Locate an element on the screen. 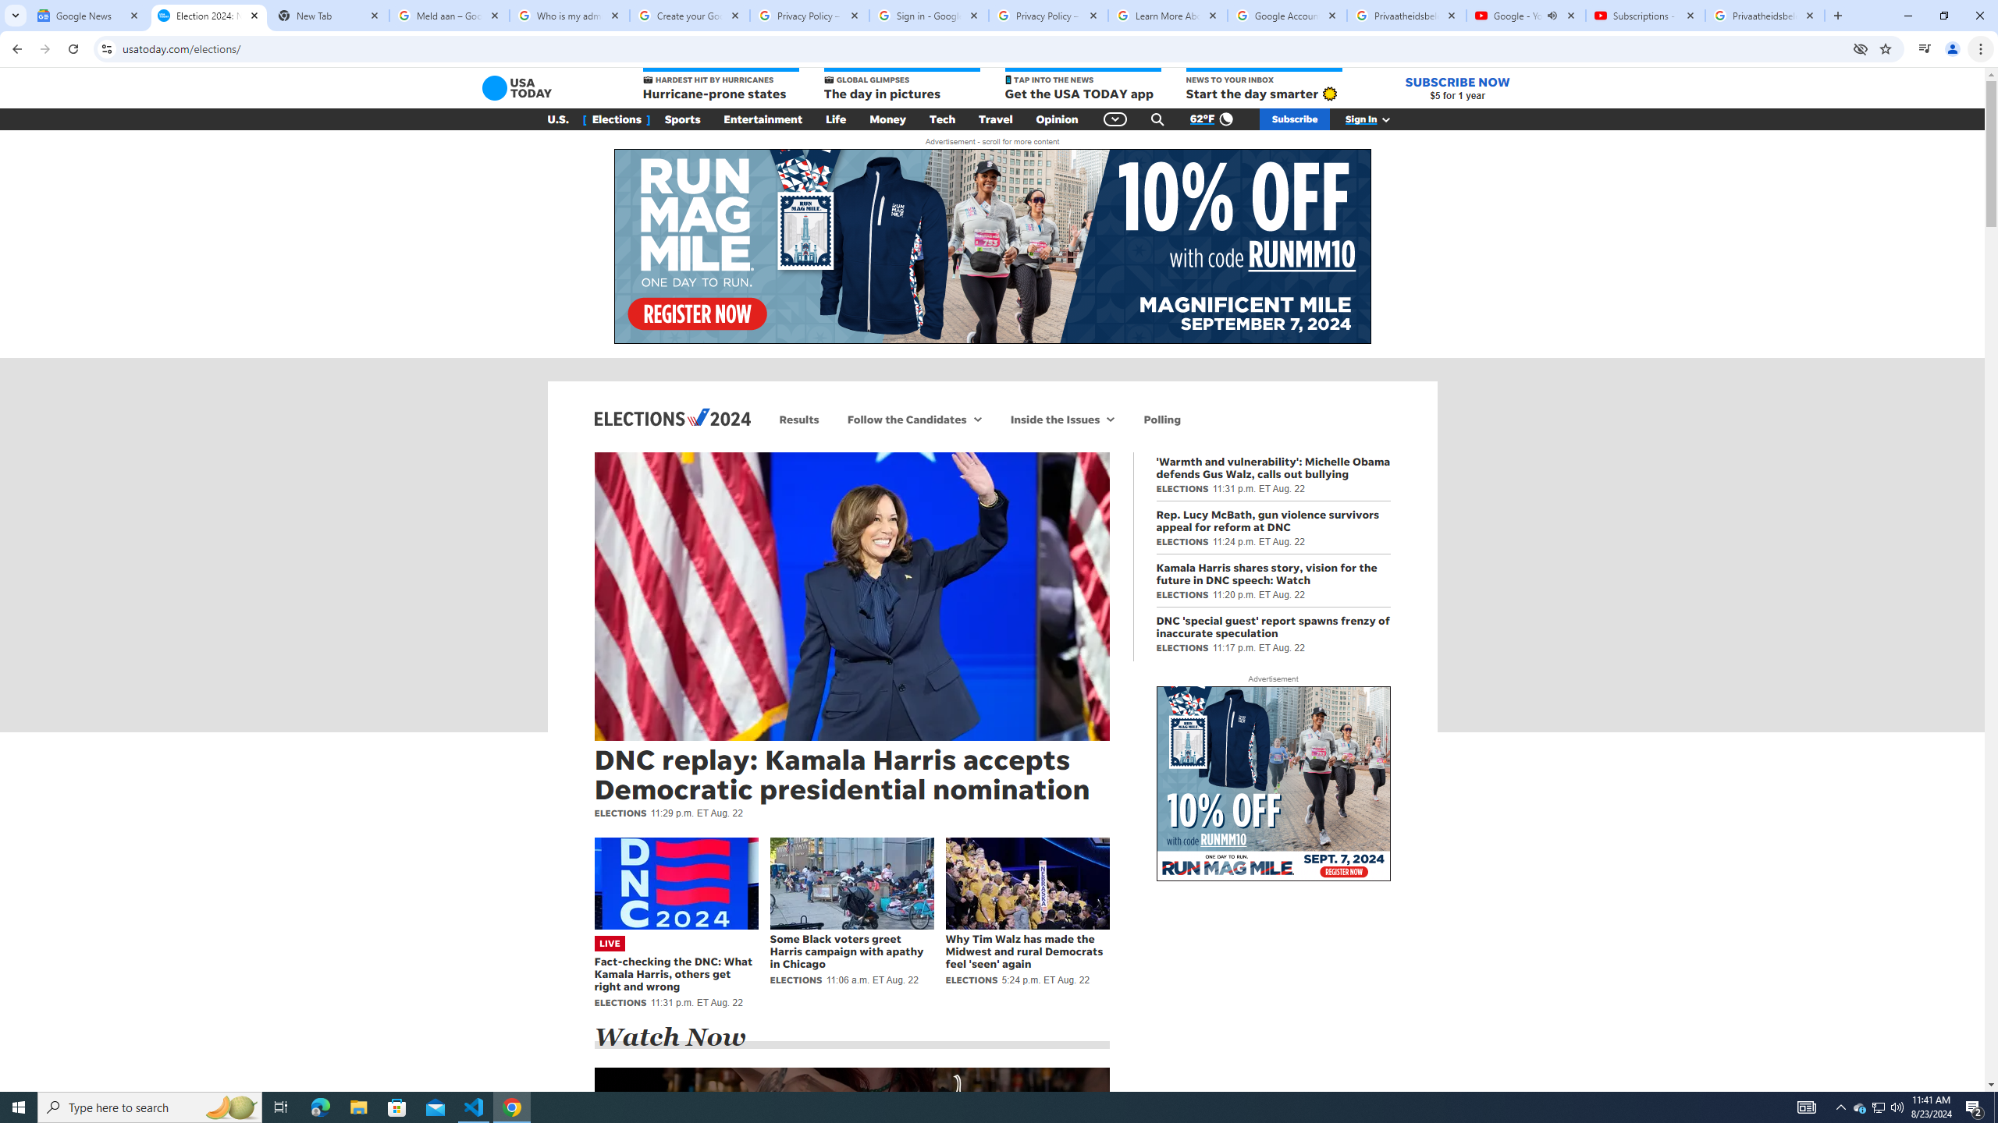 The height and width of the screenshot is (1123, 1998). 'Polling' is located at coordinates (1161, 418).